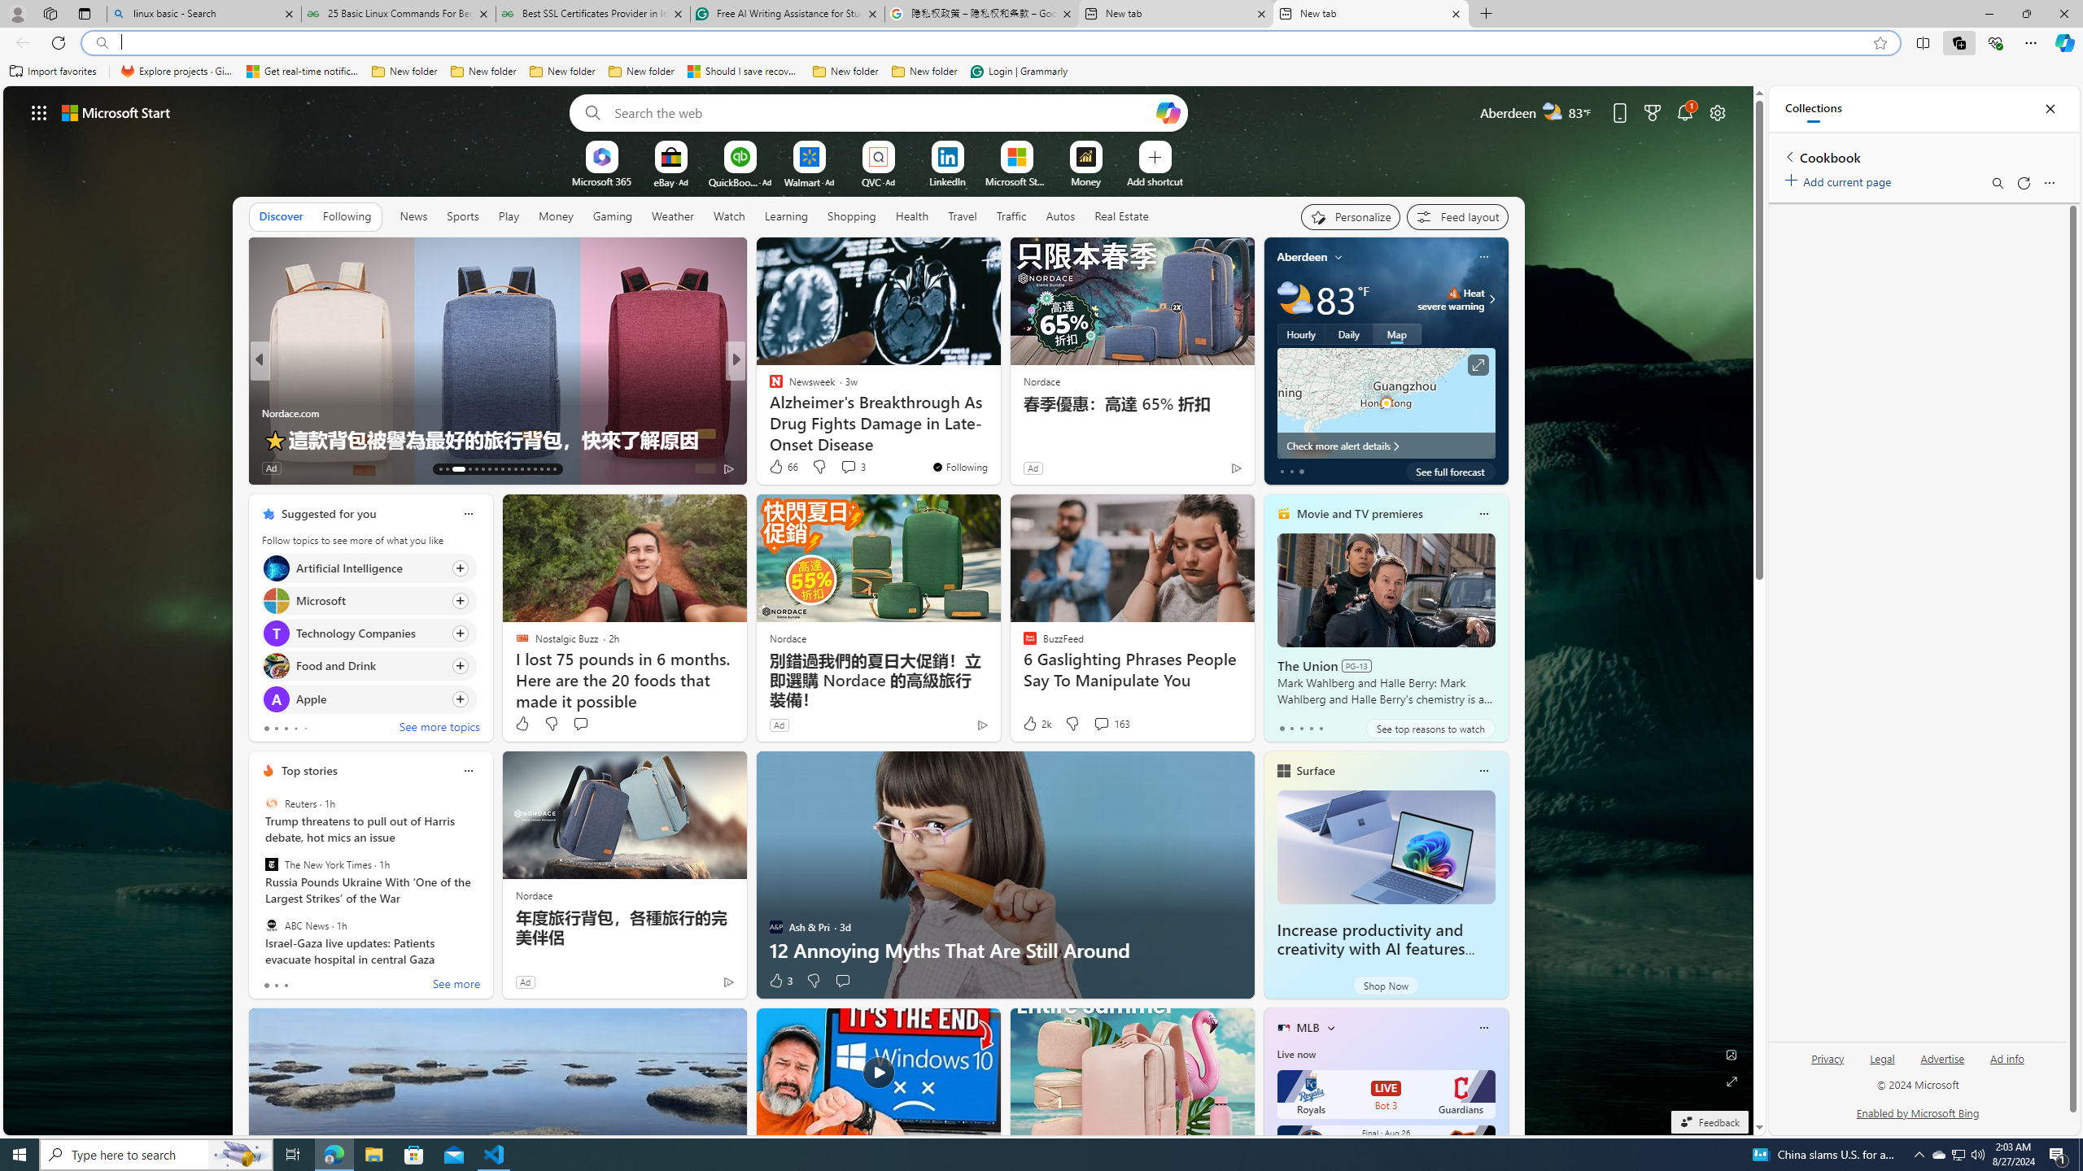  Describe the element at coordinates (727, 981) in the screenshot. I see `'Ad Choice'` at that location.